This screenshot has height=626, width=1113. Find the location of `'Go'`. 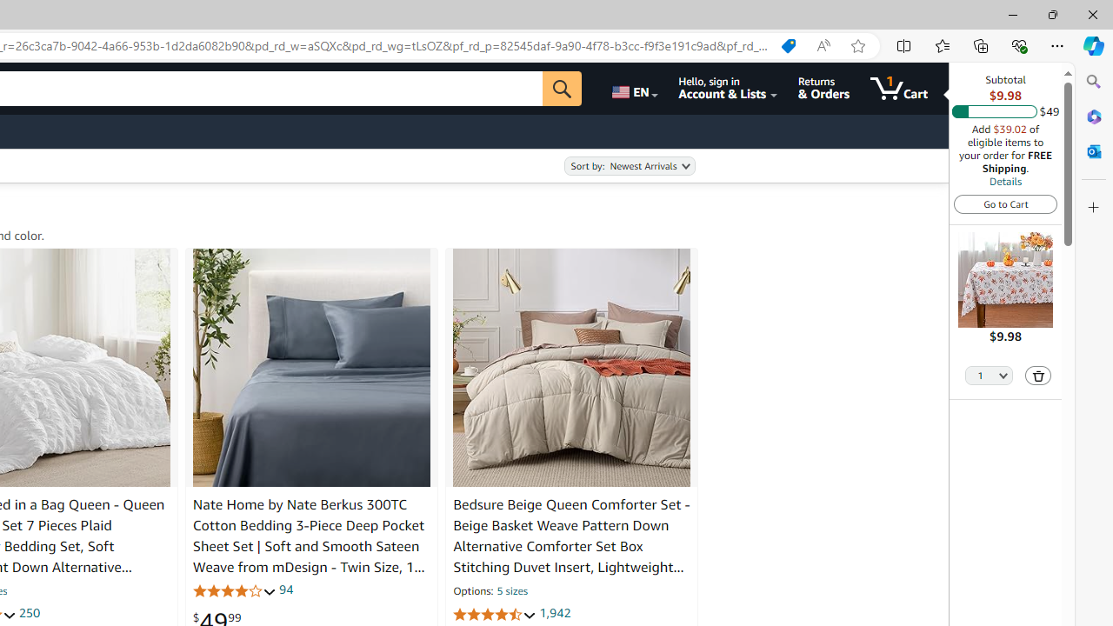

'Go' is located at coordinates (563, 88).